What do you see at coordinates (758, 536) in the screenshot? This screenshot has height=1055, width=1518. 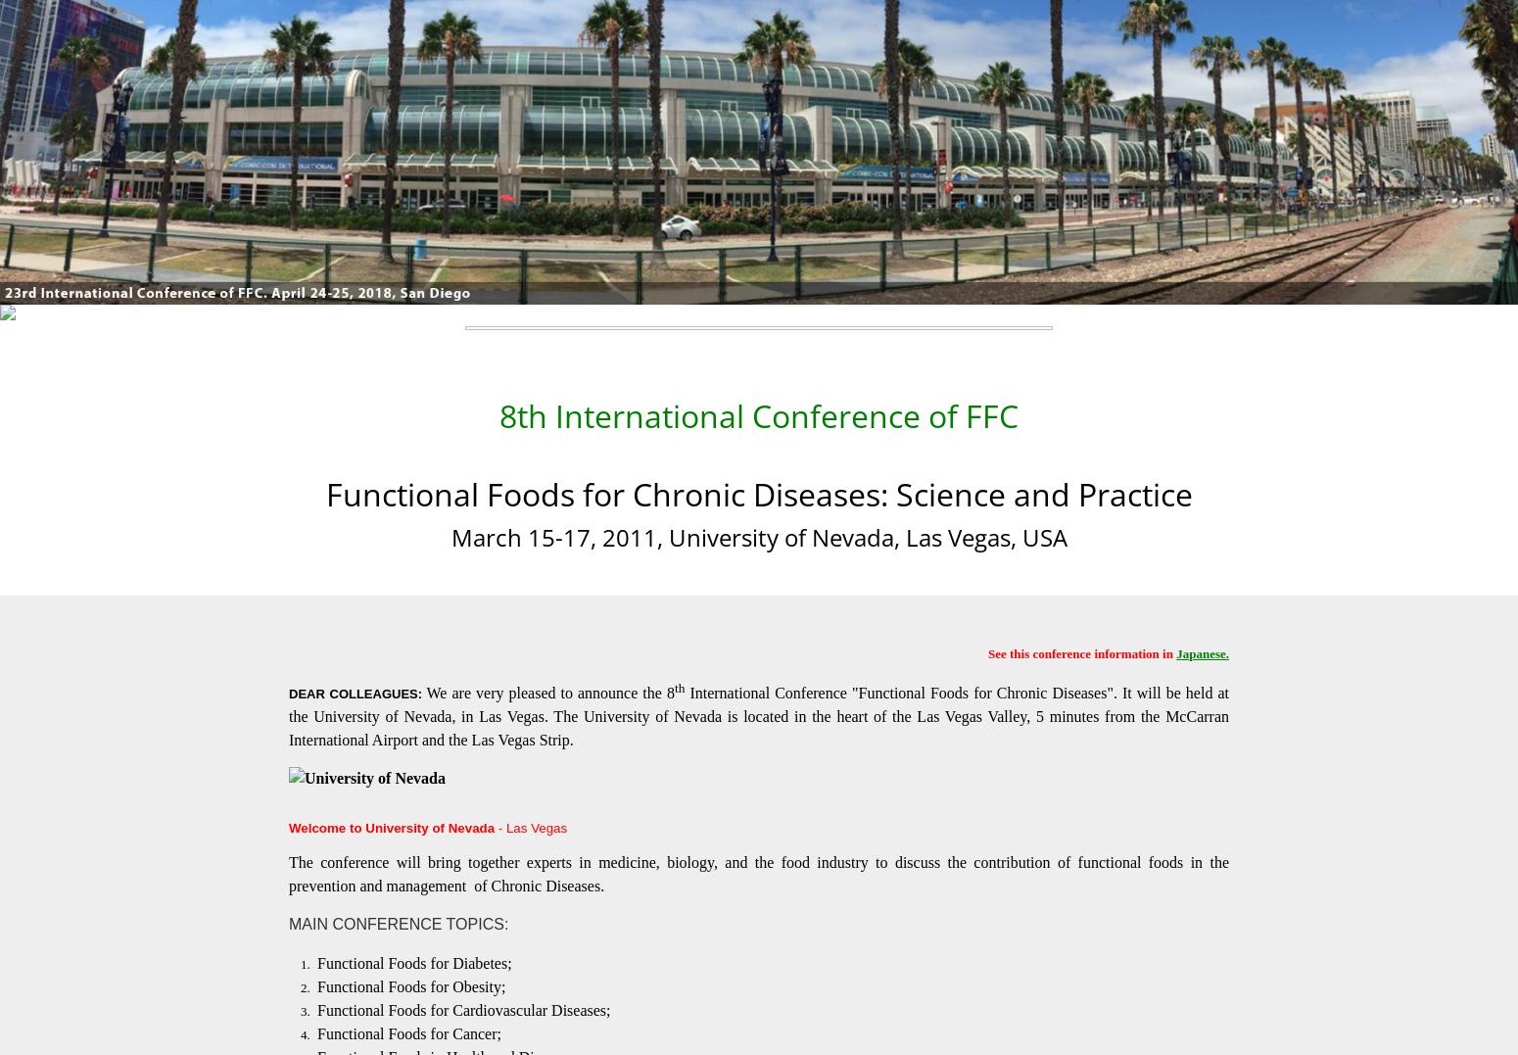 I see `'March 15-17, 2011, University of Nevada, Las Vegas, USA'` at bounding box center [758, 536].